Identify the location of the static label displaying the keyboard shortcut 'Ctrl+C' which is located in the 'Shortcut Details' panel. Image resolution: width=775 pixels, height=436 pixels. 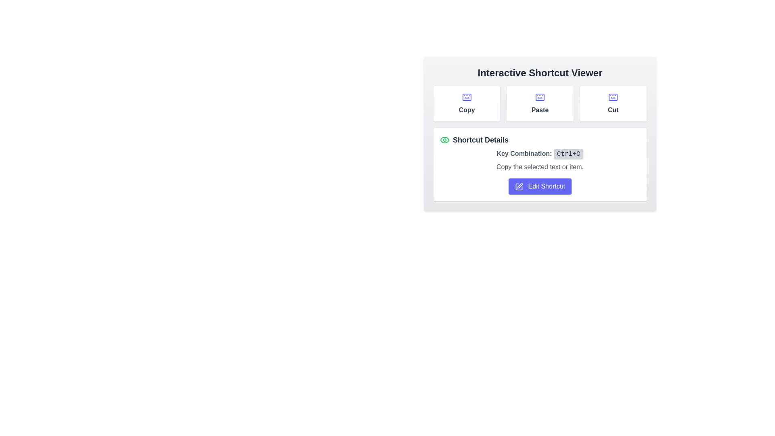
(540, 154).